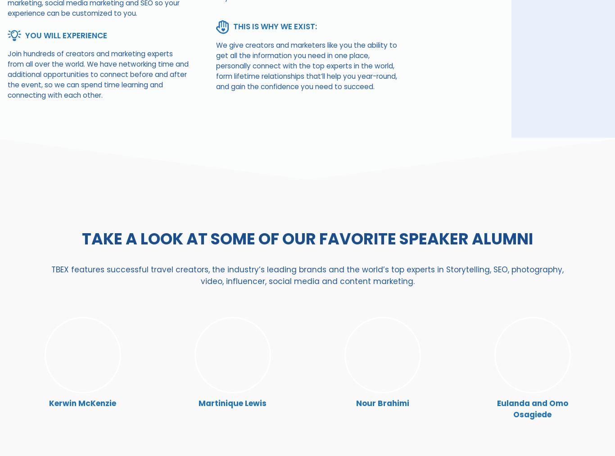 This screenshot has width=615, height=456. What do you see at coordinates (307, 239) in the screenshot?
I see `'TAKE A LOOK AT Some of OUR Favorite SPEAKER alumni'` at bounding box center [307, 239].